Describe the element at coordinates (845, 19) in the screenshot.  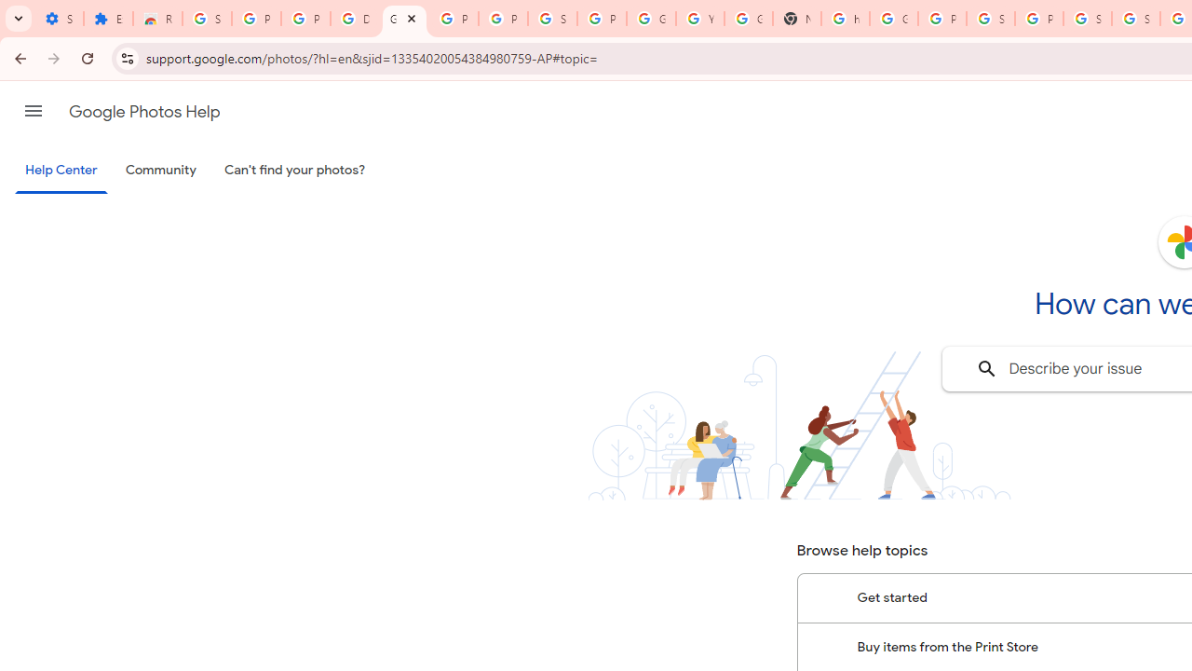
I see `'https://scholar.google.com/'` at that location.